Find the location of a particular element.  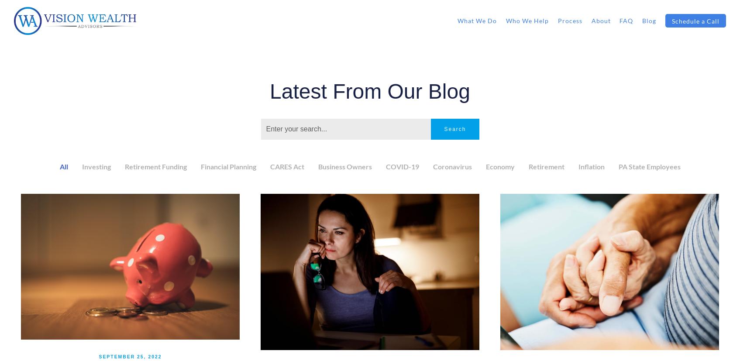

'PA State Employees' is located at coordinates (618, 166).